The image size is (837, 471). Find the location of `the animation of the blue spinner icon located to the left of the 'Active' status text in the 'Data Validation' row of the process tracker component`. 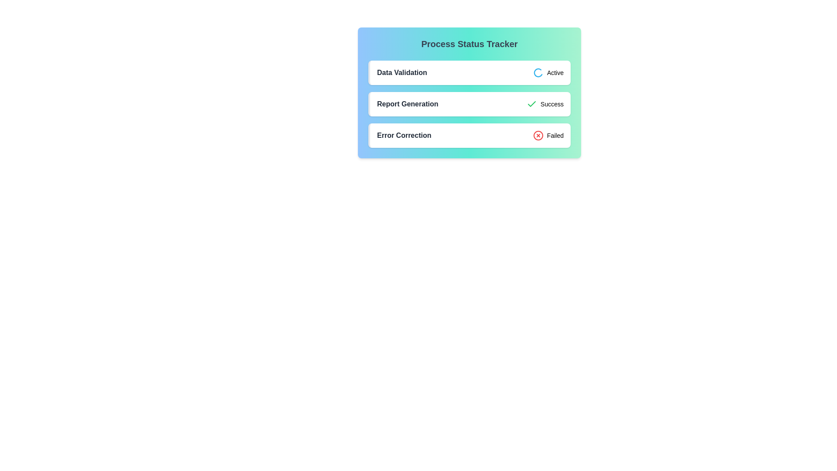

the animation of the blue spinner icon located to the left of the 'Active' status text in the 'Data Validation' row of the process tracker component is located at coordinates (538, 72).